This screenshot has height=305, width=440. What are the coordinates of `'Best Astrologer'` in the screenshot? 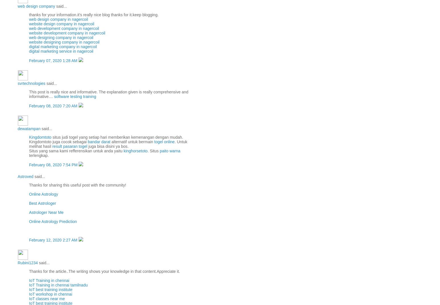 It's located at (28, 203).